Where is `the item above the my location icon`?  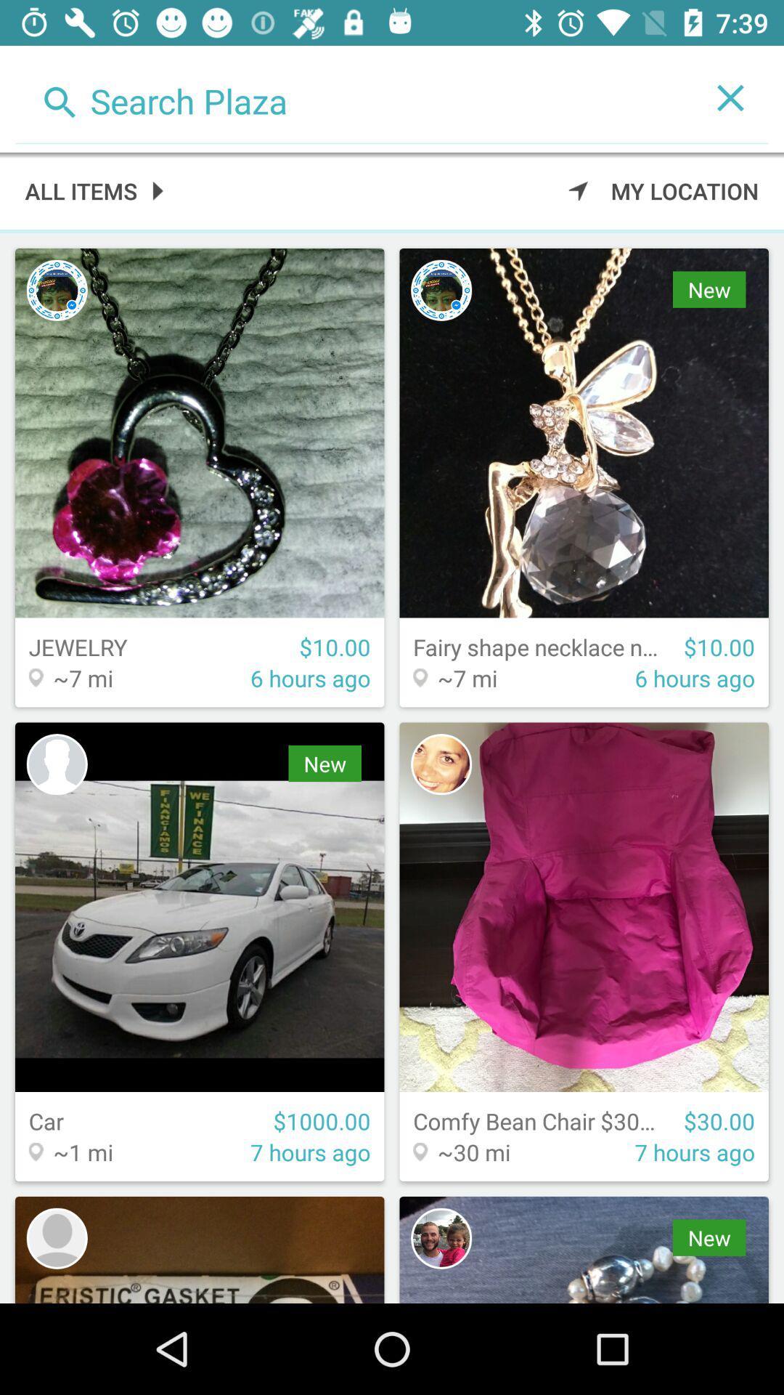 the item above the my location icon is located at coordinates (730, 97).